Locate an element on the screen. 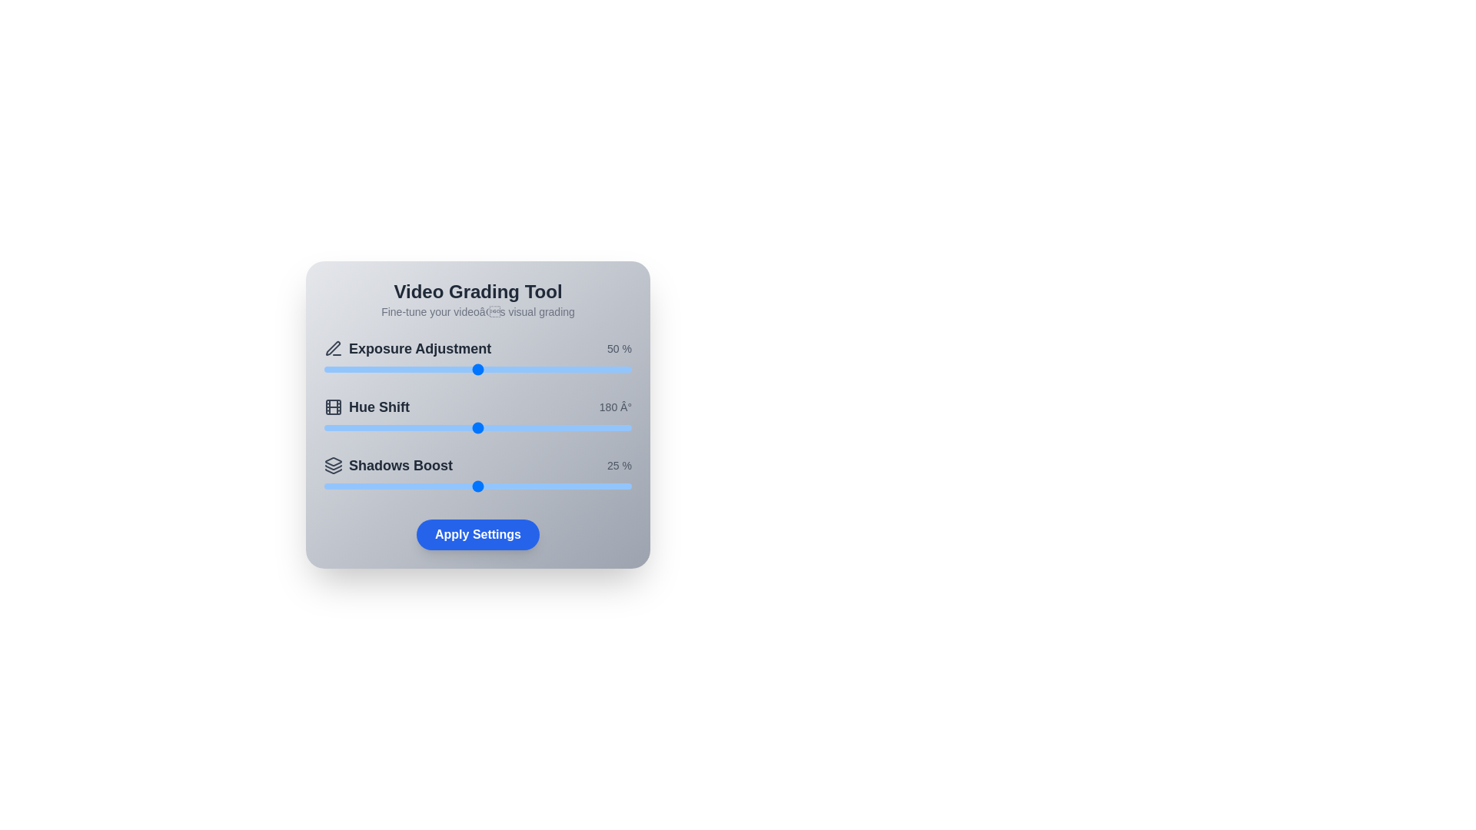  the 'Shadows Boost' slider is located at coordinates (509, 486).